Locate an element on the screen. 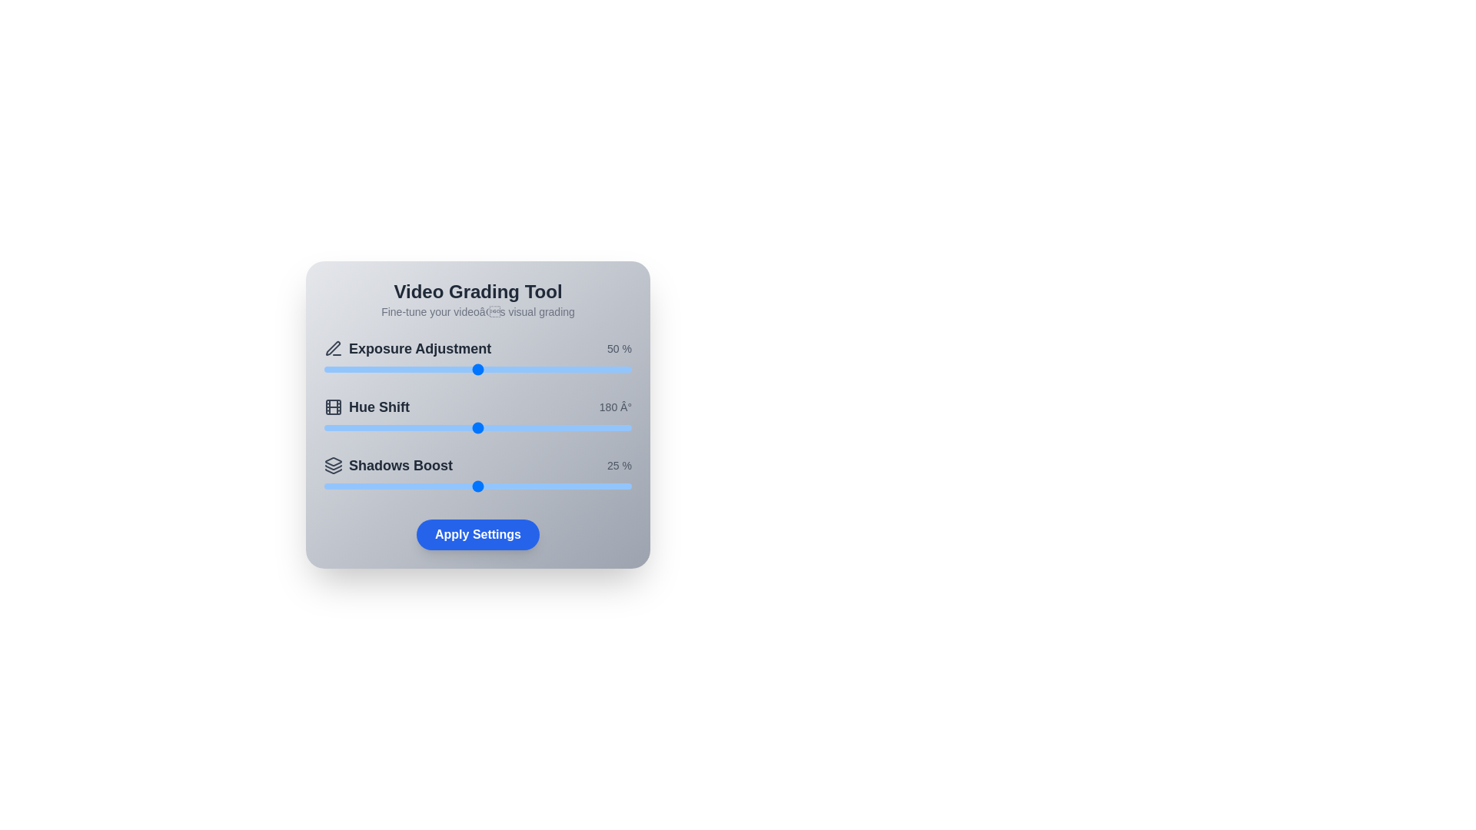  the 'Shadows Boost' slider is located at coordinates (509, 486).